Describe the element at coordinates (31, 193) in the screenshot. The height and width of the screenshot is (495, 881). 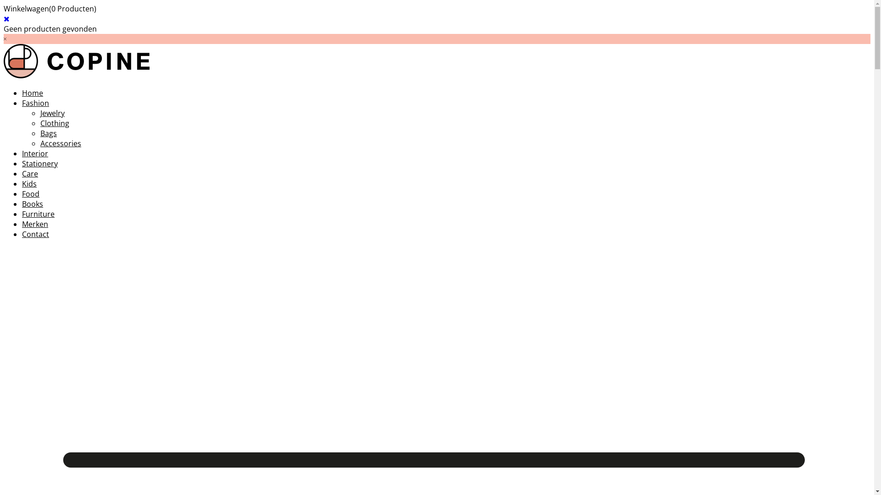
I see `'Food'` at that location.